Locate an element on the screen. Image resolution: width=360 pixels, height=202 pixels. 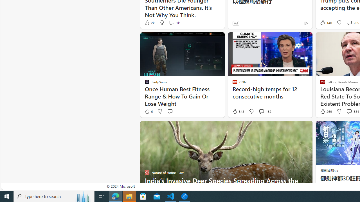
'View comments 205 Comment' is located at coordinates (349, 22).